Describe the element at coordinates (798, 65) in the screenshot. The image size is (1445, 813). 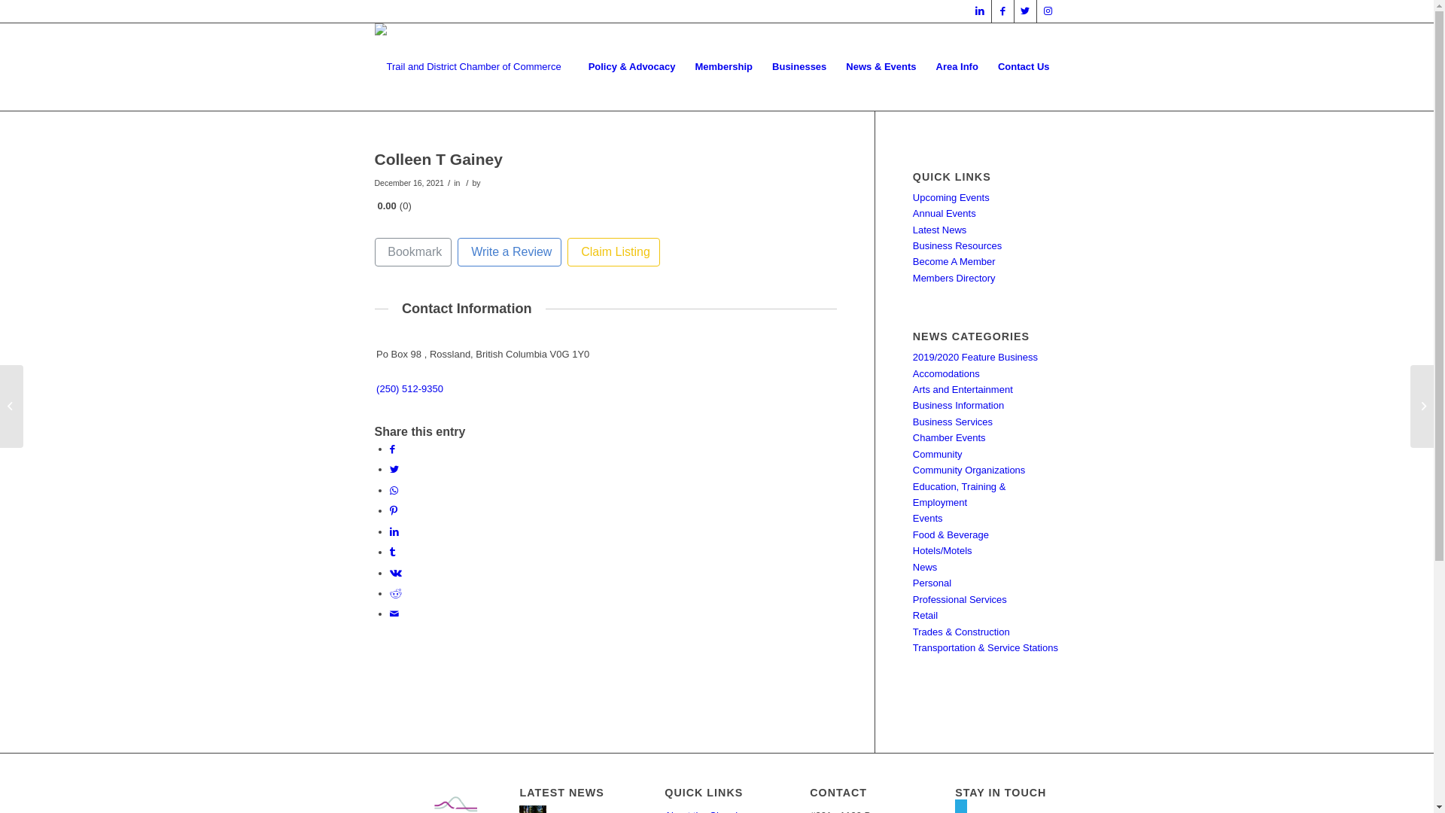
I see `'Businesses'` at that location.